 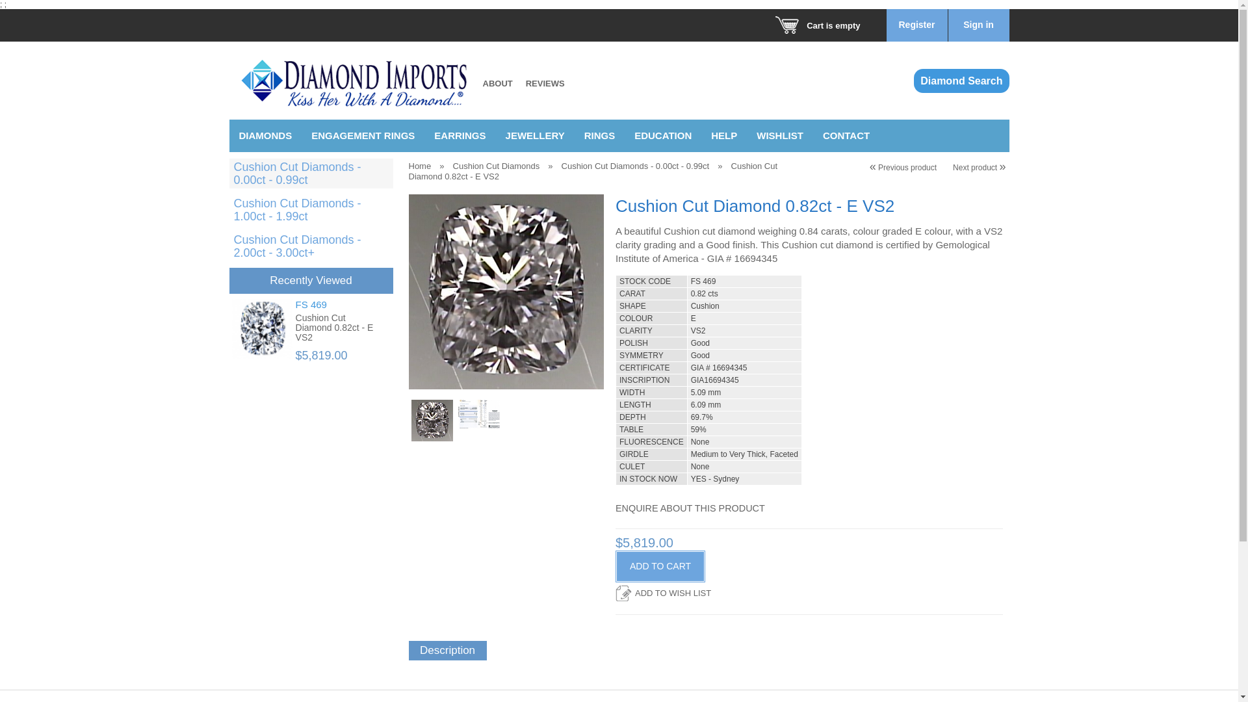 I want to click on 'EDUCATION', so click(x=662, y=135).